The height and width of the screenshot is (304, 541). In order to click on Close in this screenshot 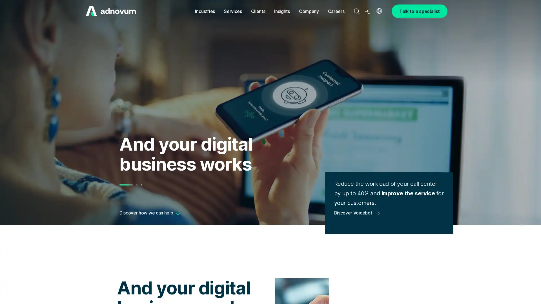, I will do `click(112, 264)`.